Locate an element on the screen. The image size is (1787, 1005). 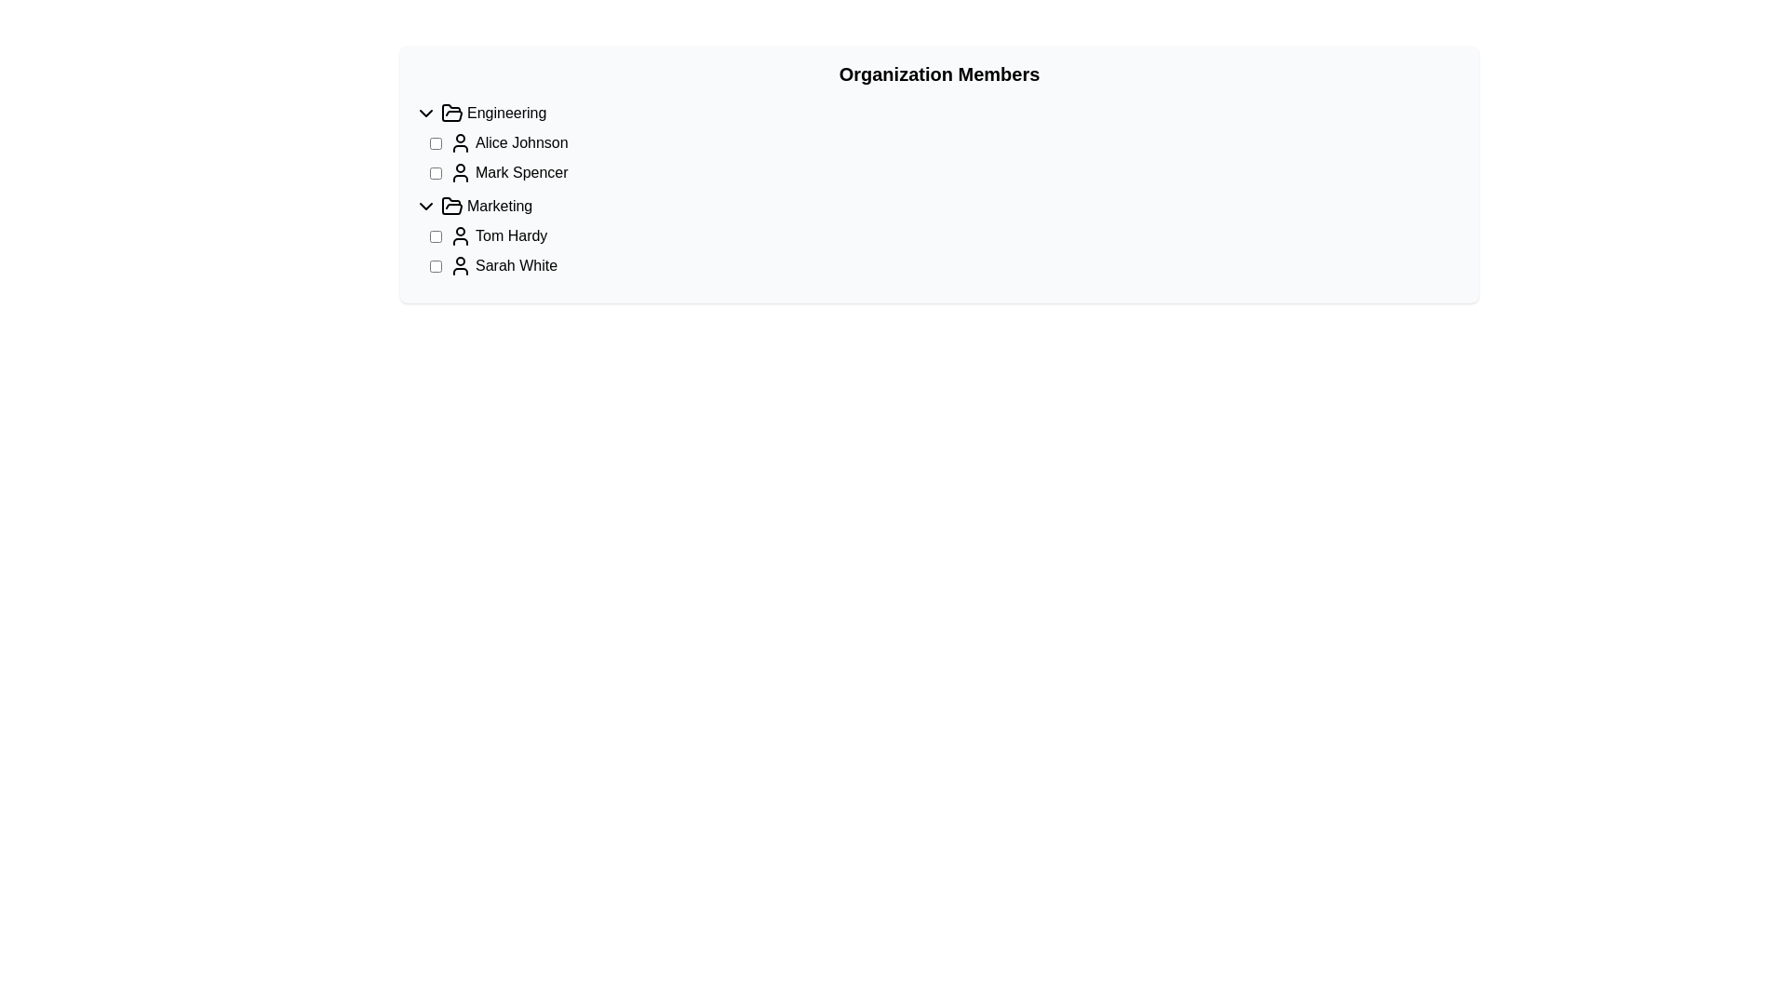
the checkbox located next to the name label 'Tom Hardy' is located at coordinates (435, 235).